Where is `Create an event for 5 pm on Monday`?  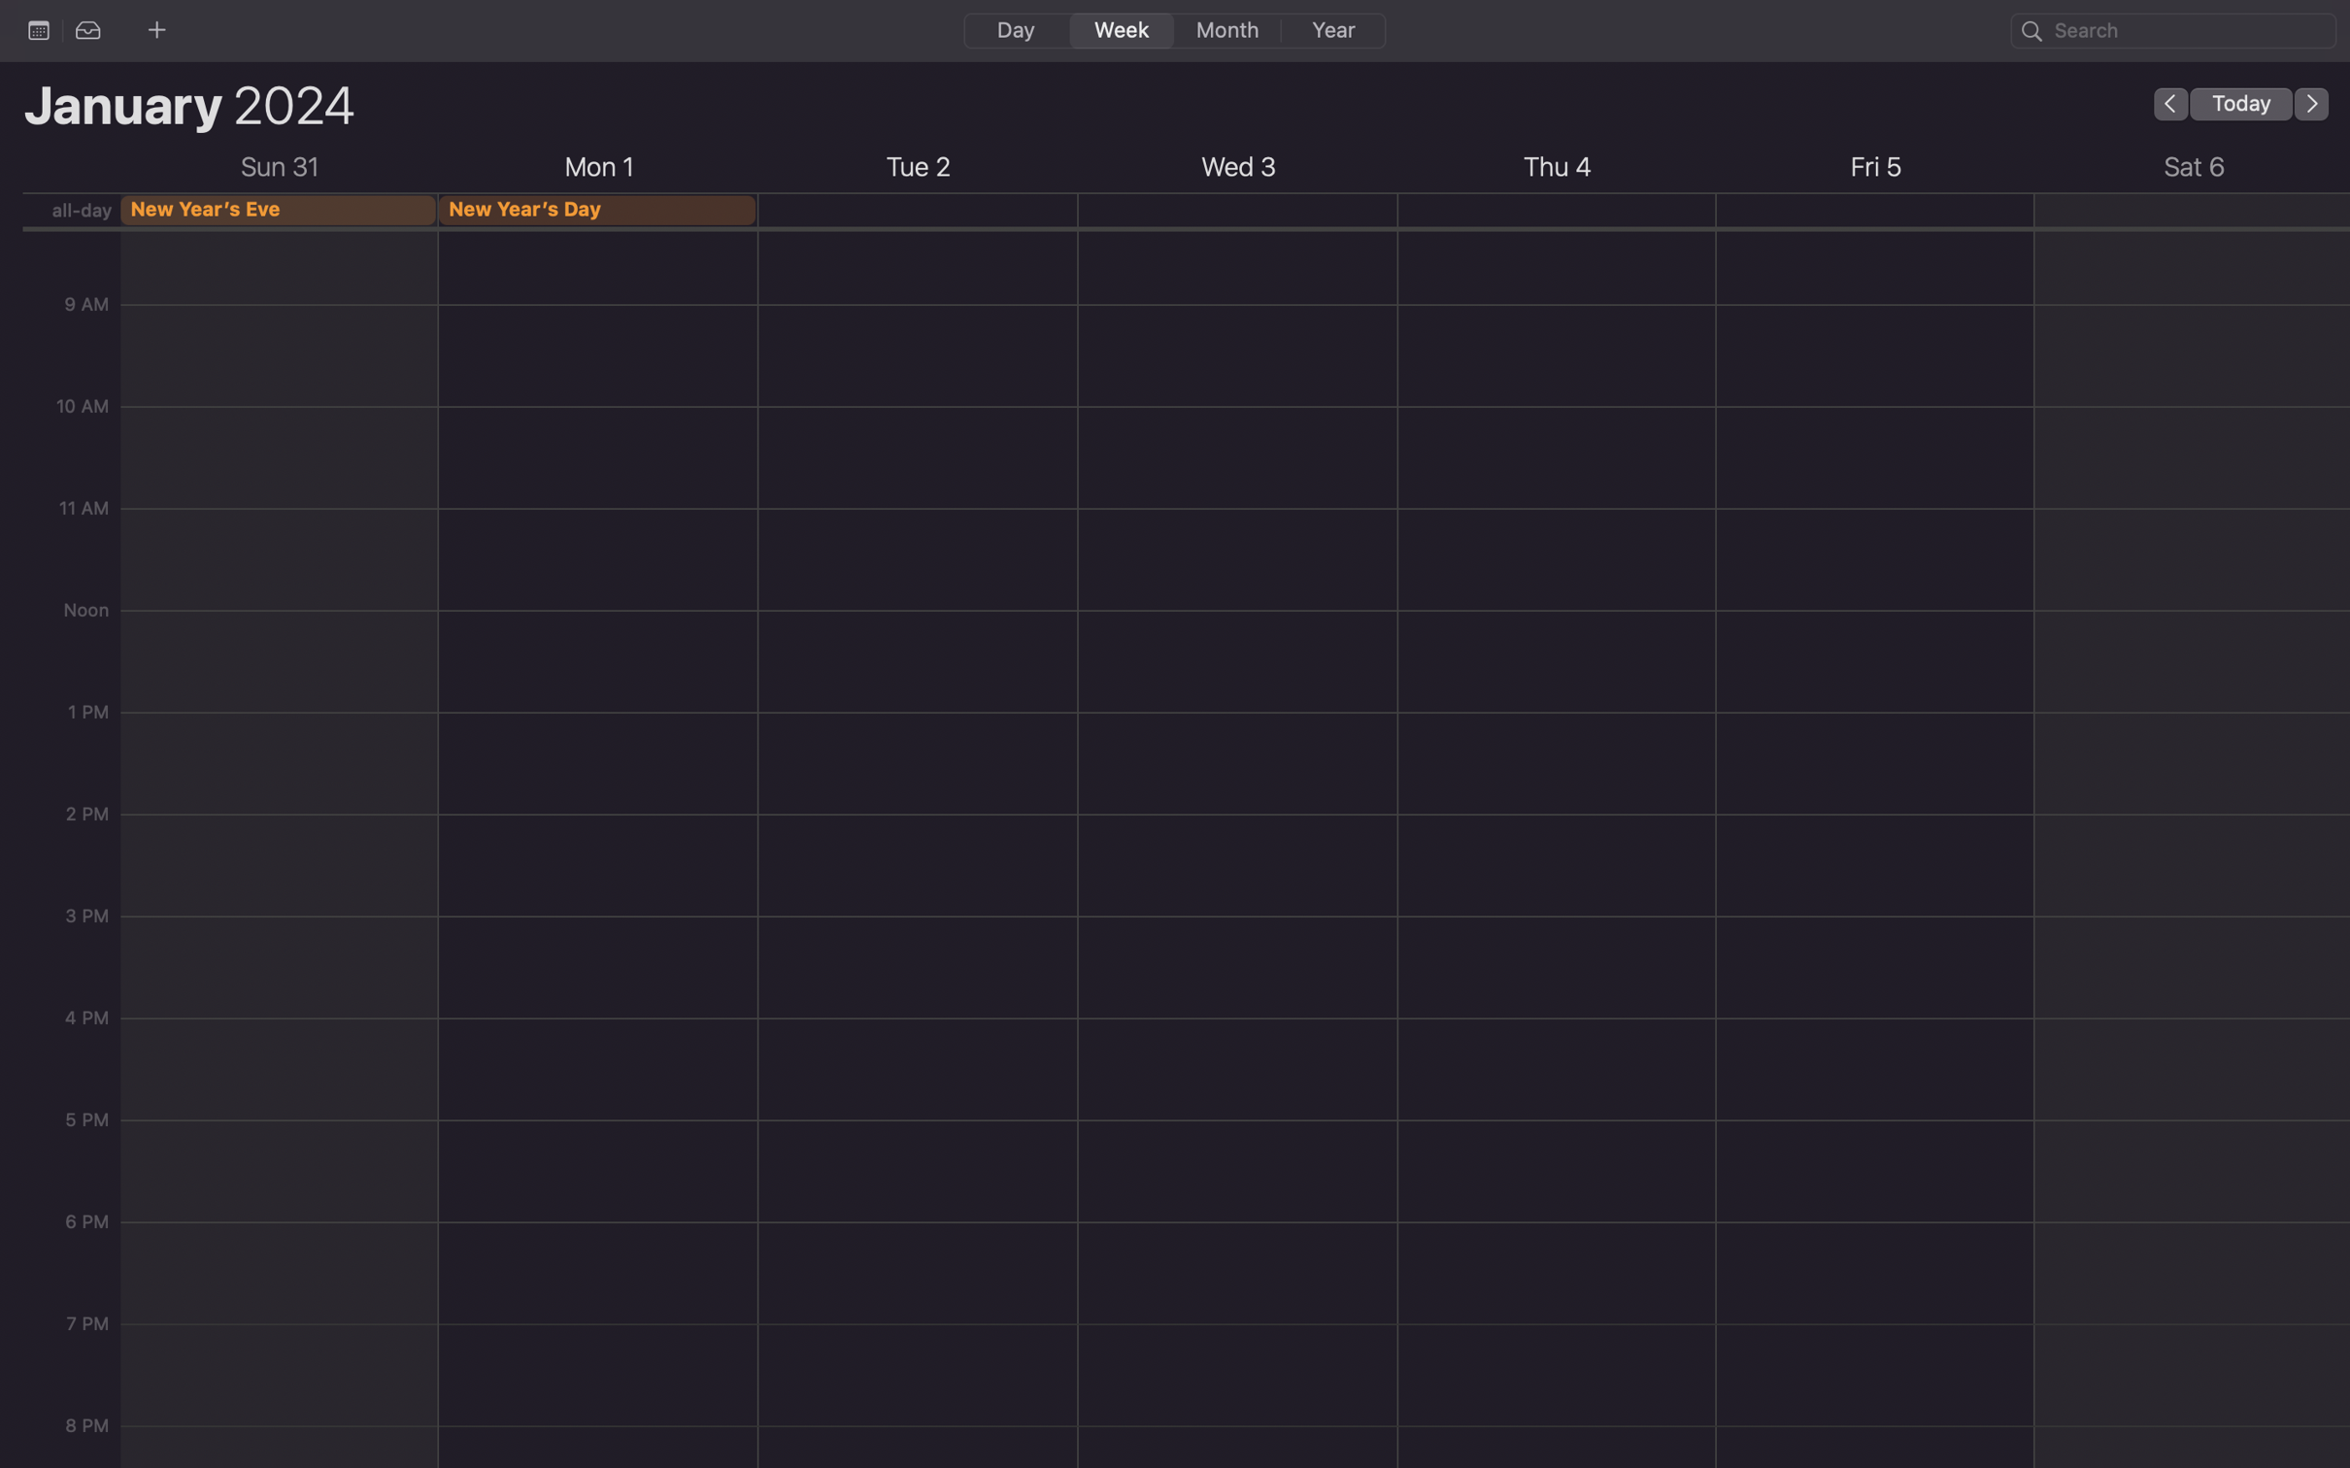
Create an event for 5 pm on Monday is located at coordinates (598, 943).